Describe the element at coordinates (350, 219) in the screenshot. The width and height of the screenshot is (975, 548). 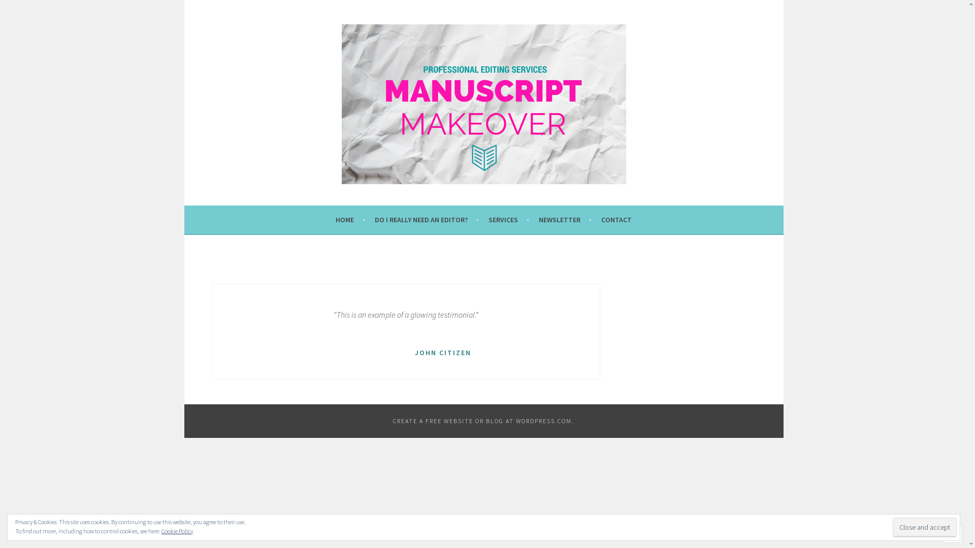
I see `'HOME'` at that location.